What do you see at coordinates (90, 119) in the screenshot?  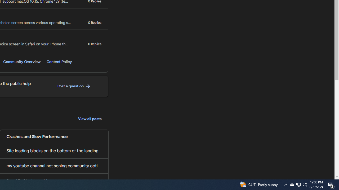 I see `'View all posts'` at bounding box center [90, 119].